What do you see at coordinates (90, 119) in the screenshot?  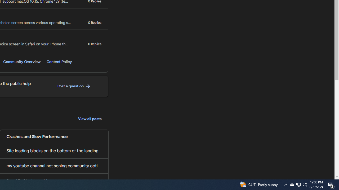 I see `'View all posts'` at bounding box center [90, 119].